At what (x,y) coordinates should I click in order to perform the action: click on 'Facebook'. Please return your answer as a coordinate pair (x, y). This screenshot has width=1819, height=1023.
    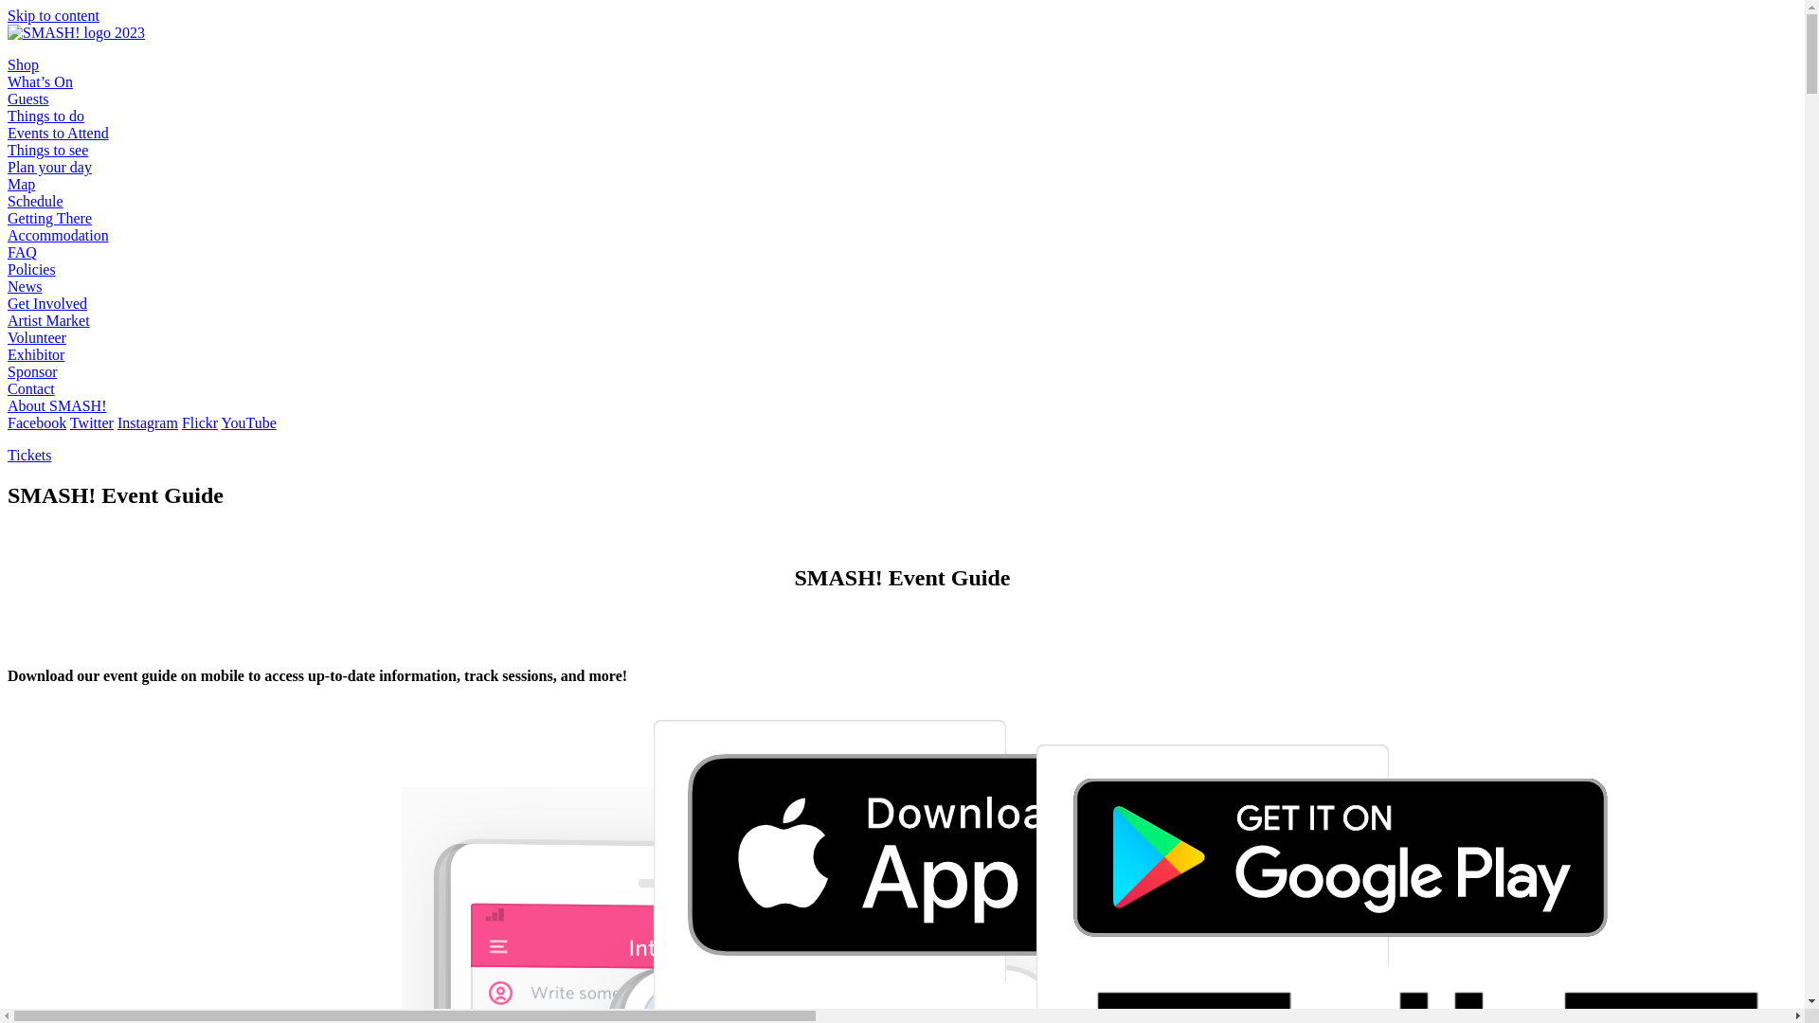
    Looking at the image, I should click on (8, 422).